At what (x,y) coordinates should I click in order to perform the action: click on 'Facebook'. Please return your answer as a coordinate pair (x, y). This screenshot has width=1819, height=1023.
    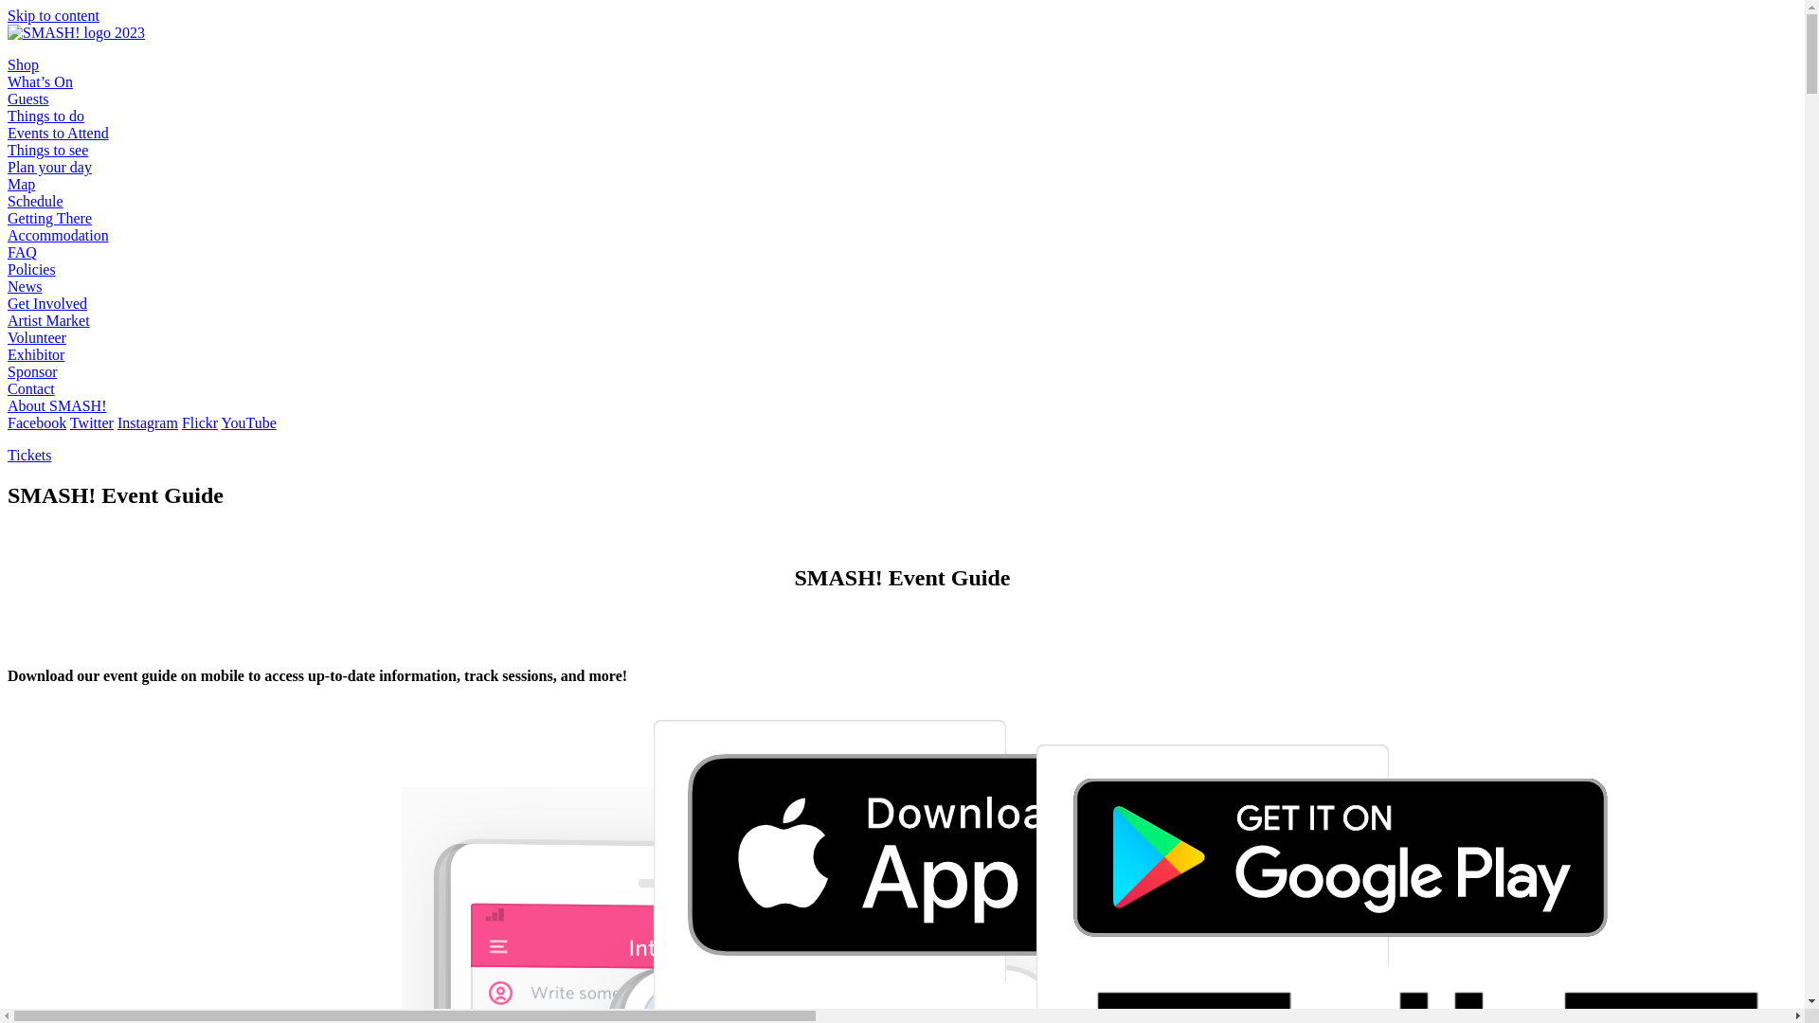
    Looking at the image, I should click on (8, 422).